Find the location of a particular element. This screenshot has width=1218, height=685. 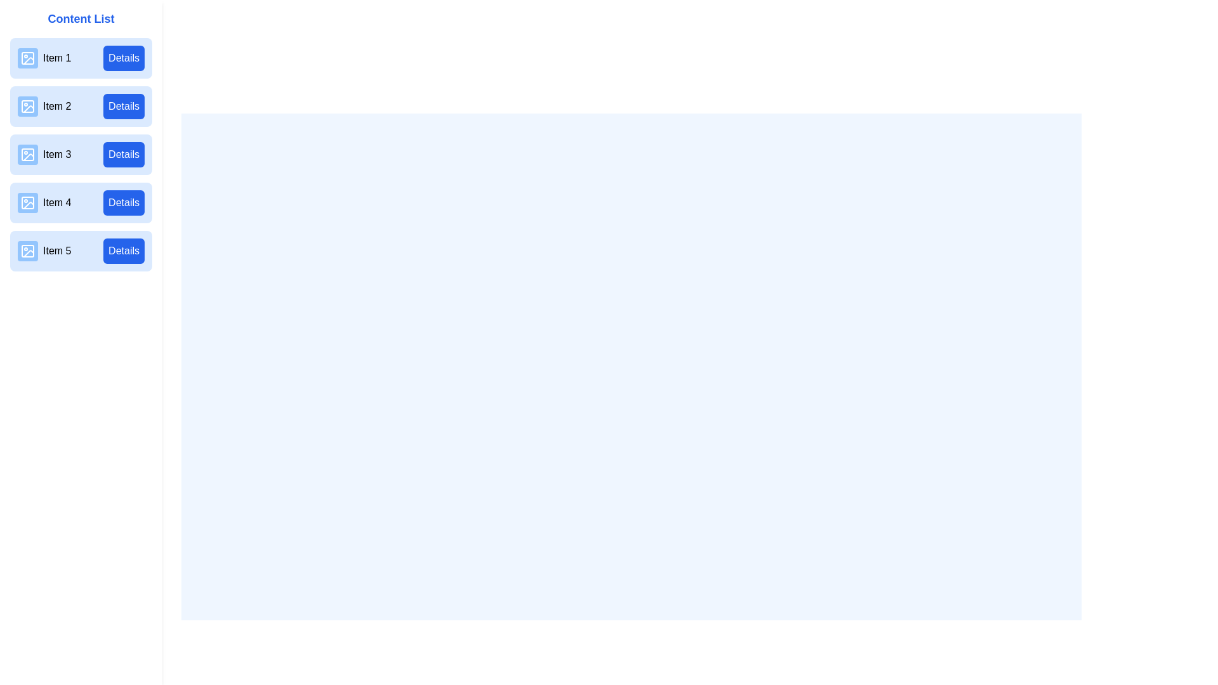

the icon located to the left of the 'Item 5' row is located at coordinates (27, 251).